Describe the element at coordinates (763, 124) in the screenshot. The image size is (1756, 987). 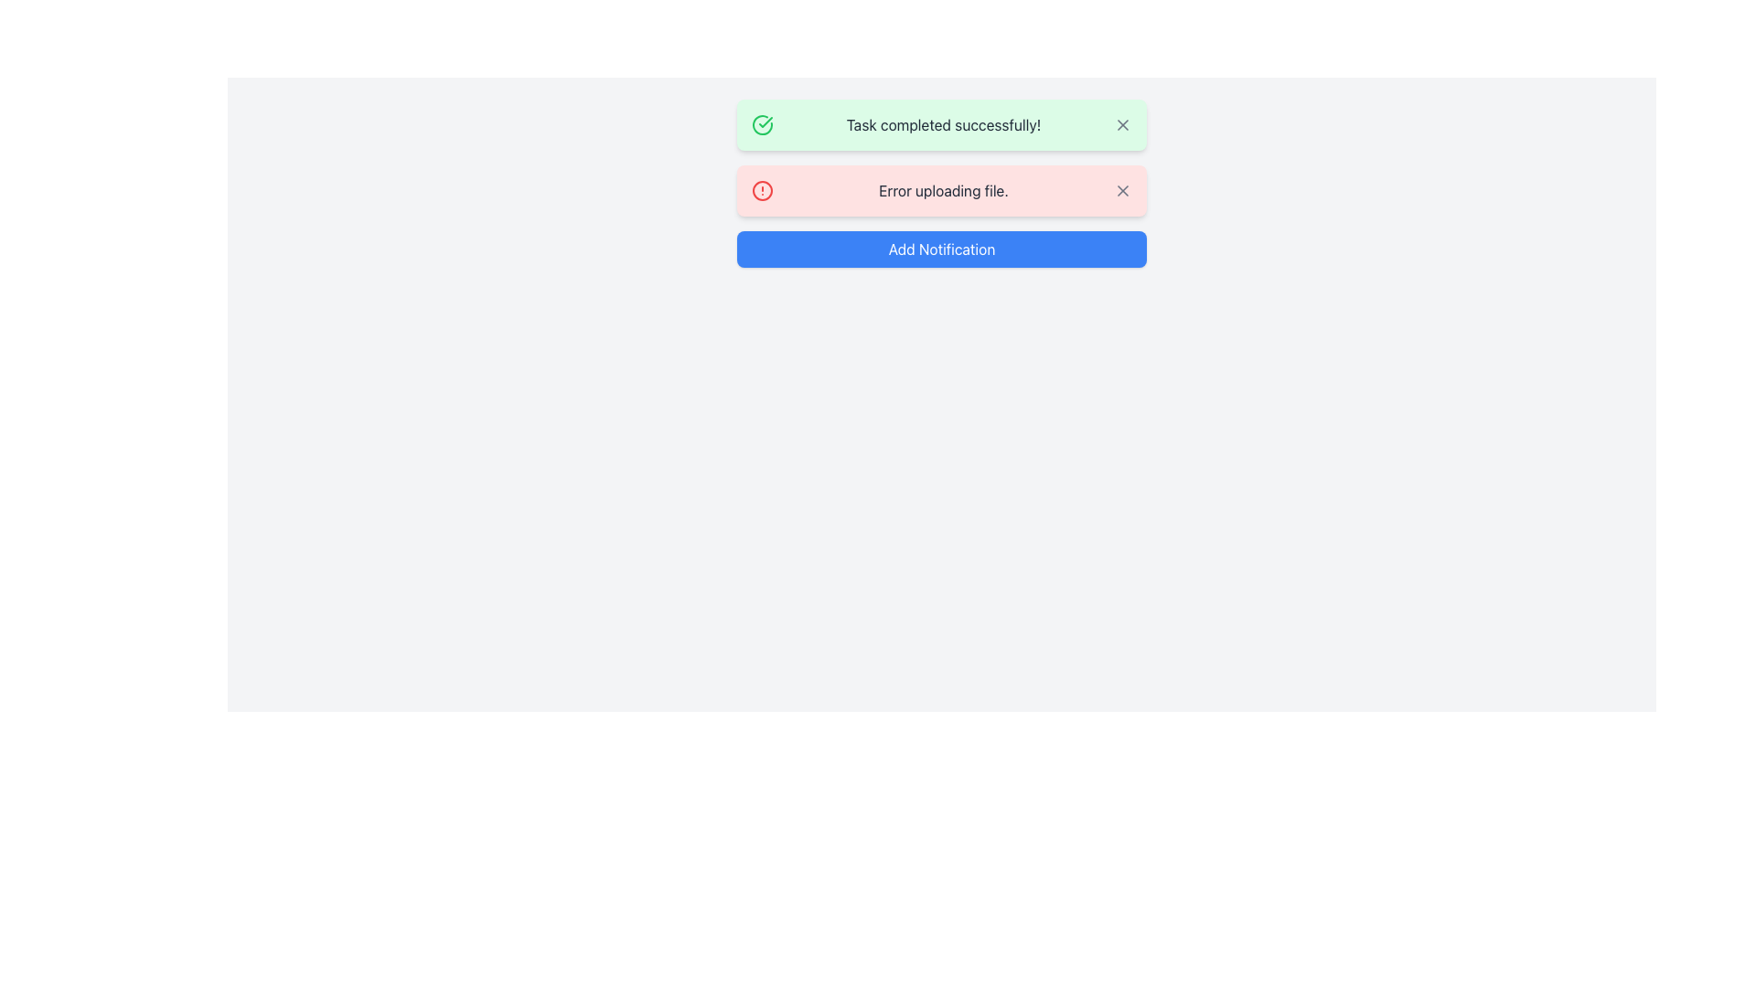
I see `the status indicator icon located at the far left of the green notification banner that reads 'Task completed successfully!'` at that location.